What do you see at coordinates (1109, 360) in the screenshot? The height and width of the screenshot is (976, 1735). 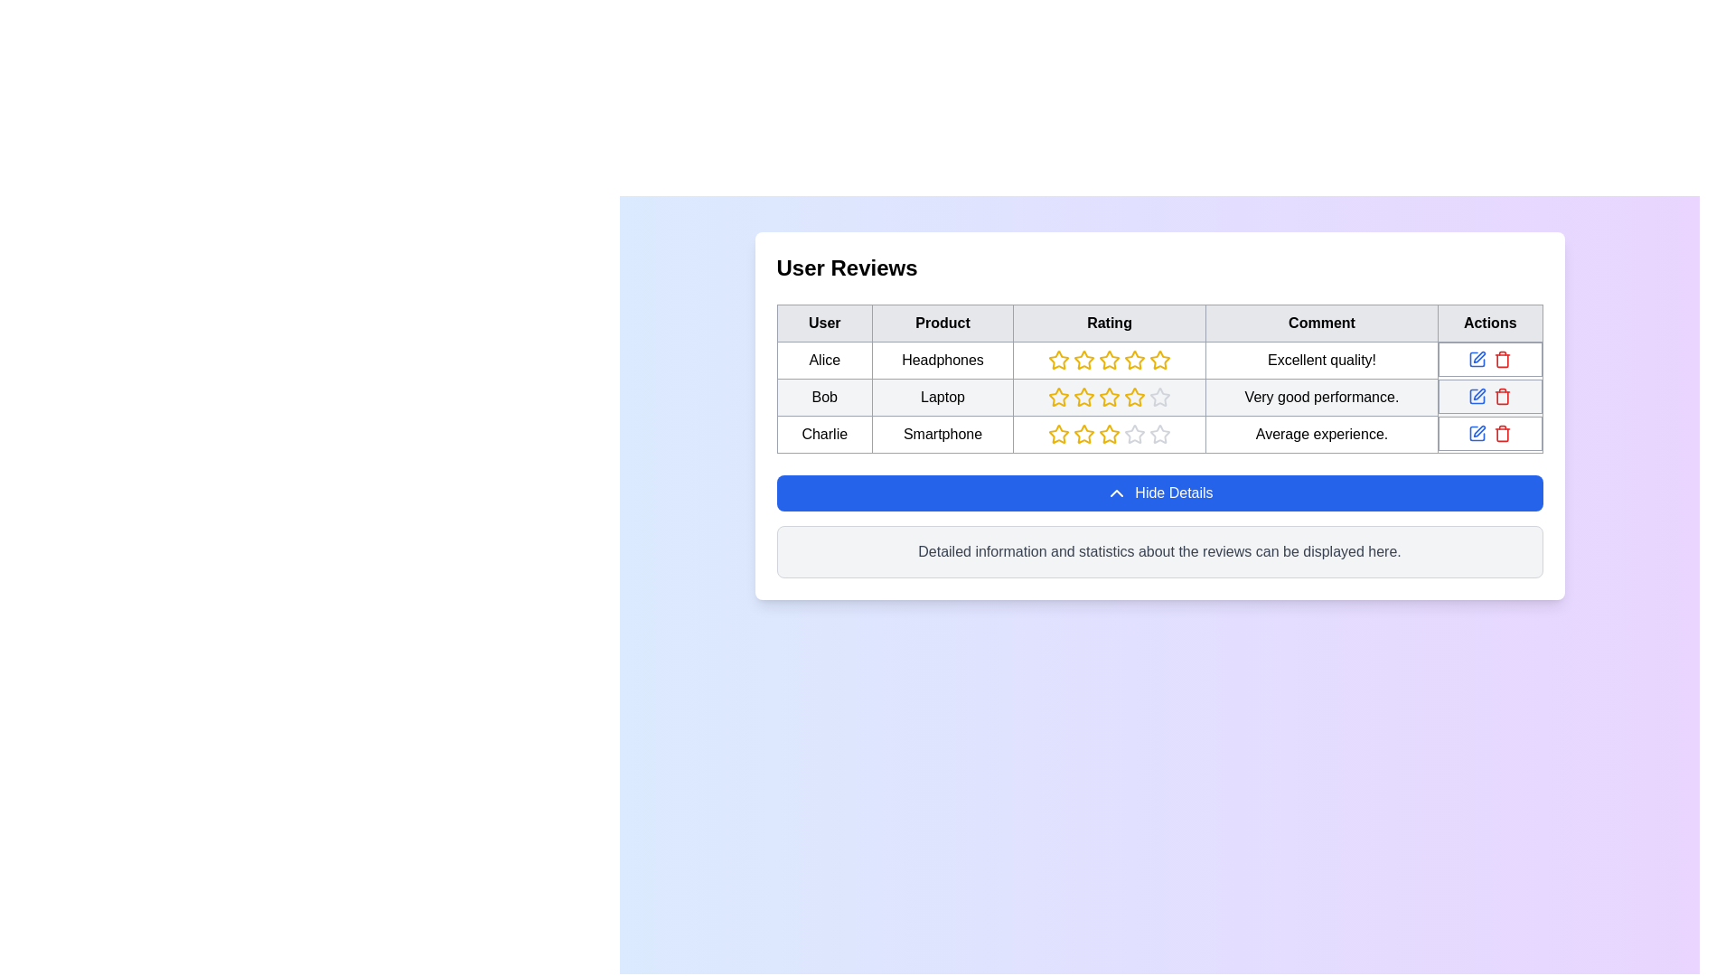 I see `the fifth star icon in the 'Rating' column for the product 'Headphones' in the 'User Reviews' section` at bounding box center [1109, 360].